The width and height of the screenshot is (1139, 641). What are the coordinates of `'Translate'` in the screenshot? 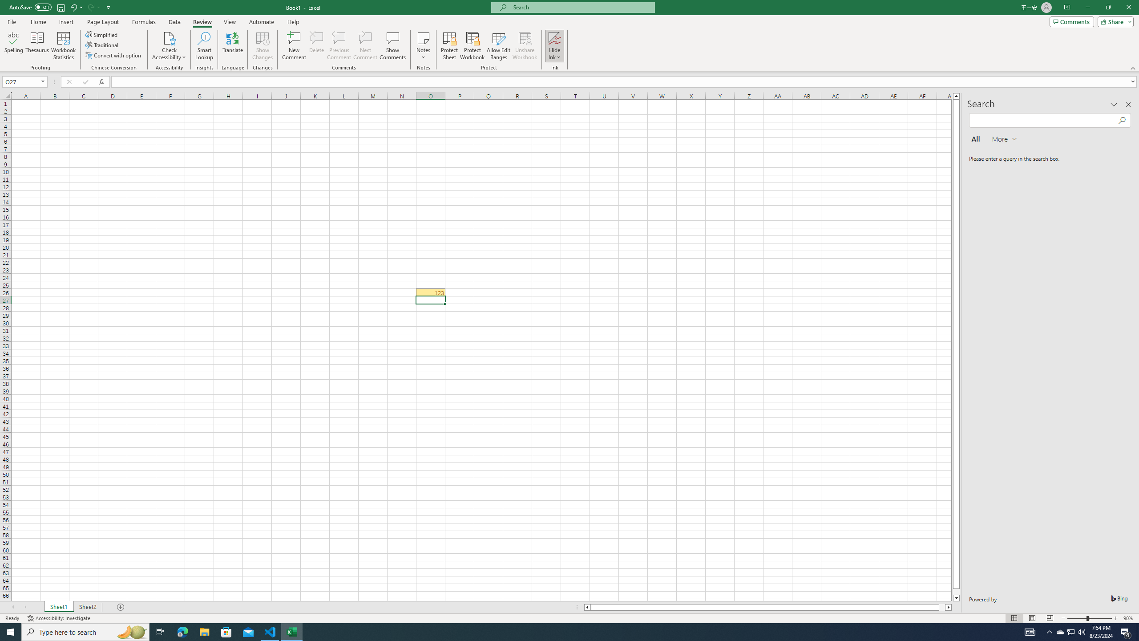 It's located at (232, 46).